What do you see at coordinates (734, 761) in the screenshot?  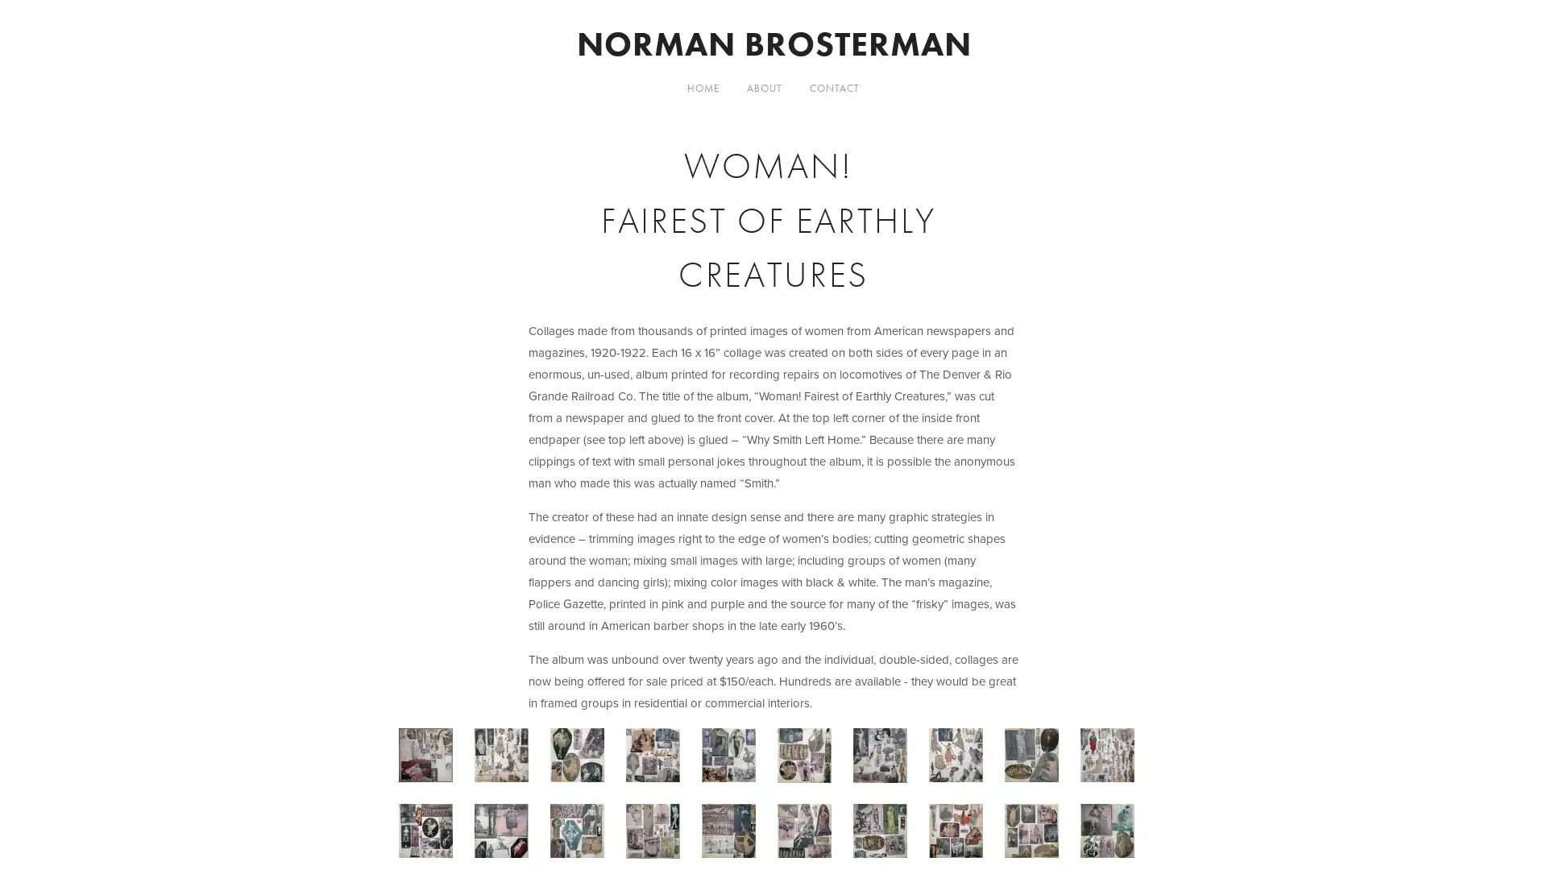 I see `View fullsize Smith 41.jpg` at bounding box center [734, 761].